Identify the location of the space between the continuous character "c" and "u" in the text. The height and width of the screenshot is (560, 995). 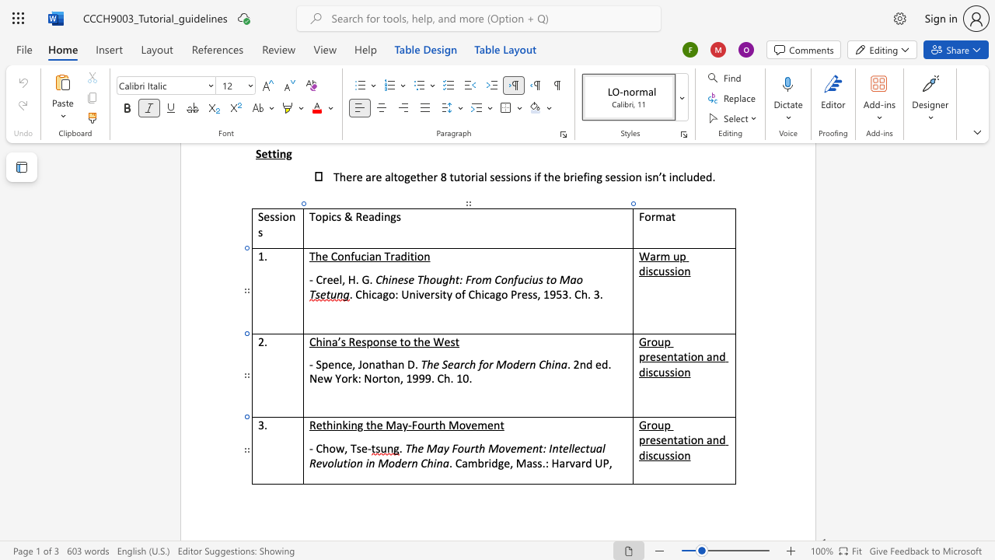
(658, 455).